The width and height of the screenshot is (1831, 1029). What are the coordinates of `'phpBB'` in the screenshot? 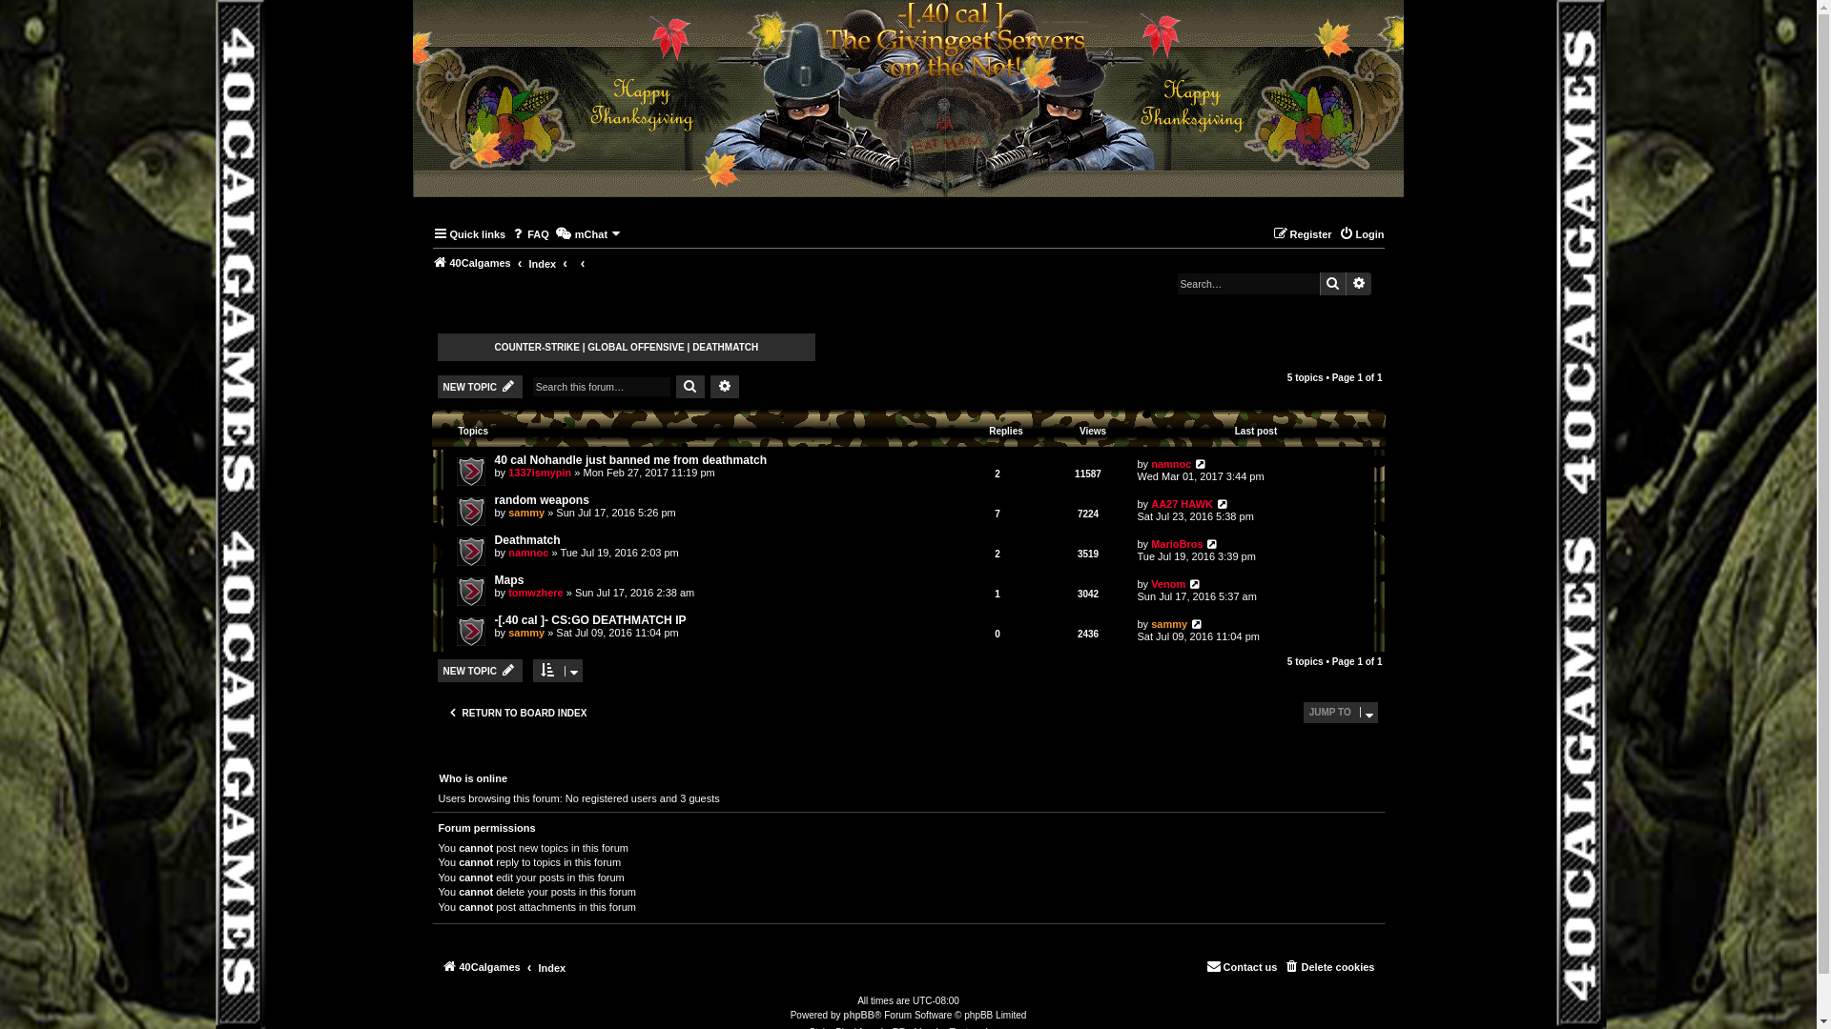 It's located at (857, 1014).